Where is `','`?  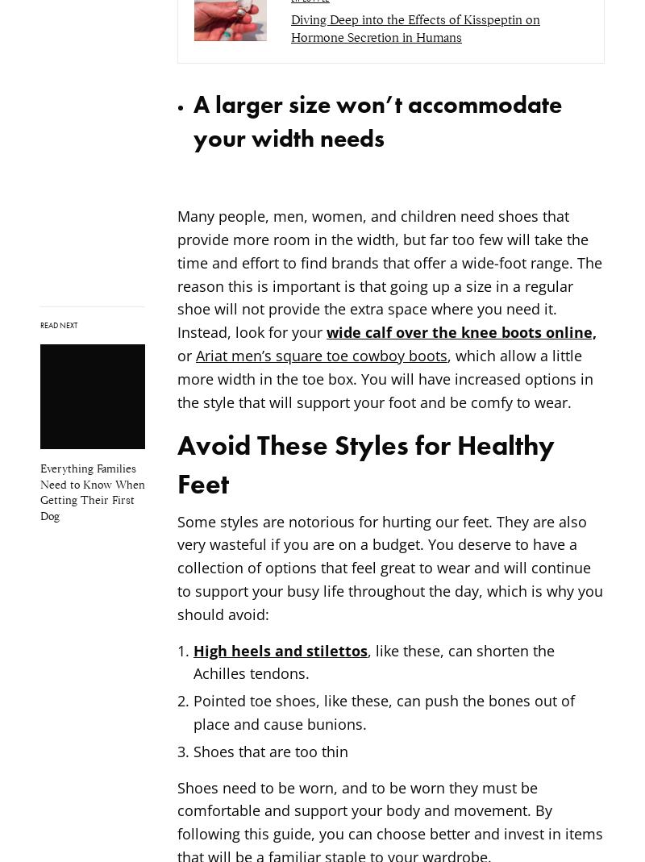
',' is located at coordinates (451, 354).